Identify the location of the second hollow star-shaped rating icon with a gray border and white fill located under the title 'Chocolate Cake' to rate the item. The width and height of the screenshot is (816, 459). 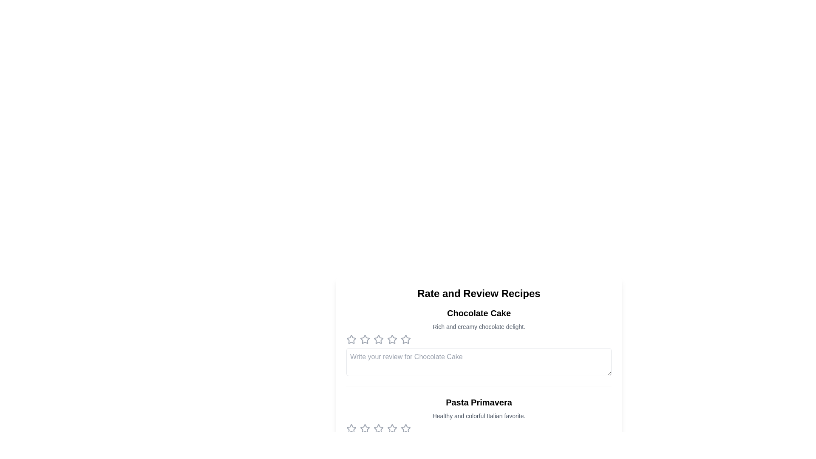
(365, 339).